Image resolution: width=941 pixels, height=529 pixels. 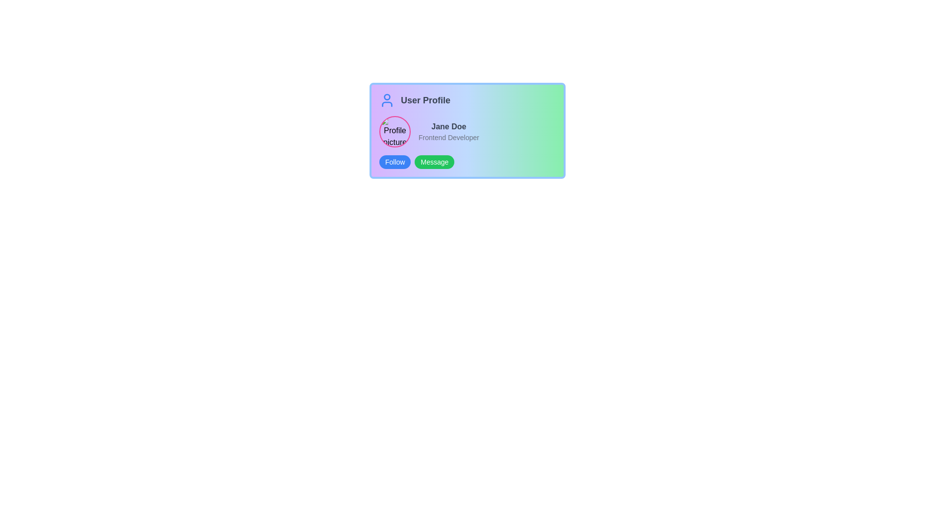 I want to click on the text label indicating the user's profile section, which is positioned to the right of the user icon and is centered vertically relative to it, so click(x=425, y=100).